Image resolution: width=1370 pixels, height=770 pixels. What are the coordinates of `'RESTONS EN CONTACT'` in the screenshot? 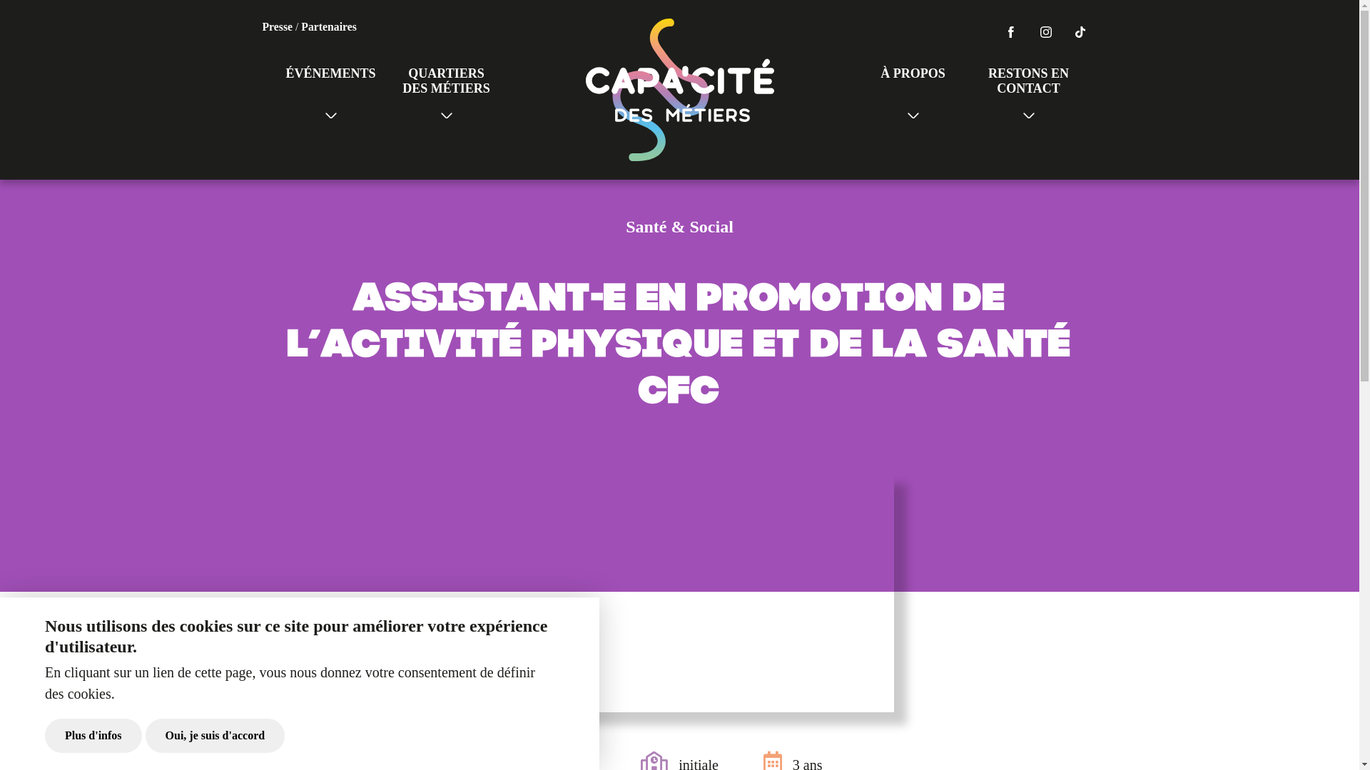 It's located at (1027, 89).